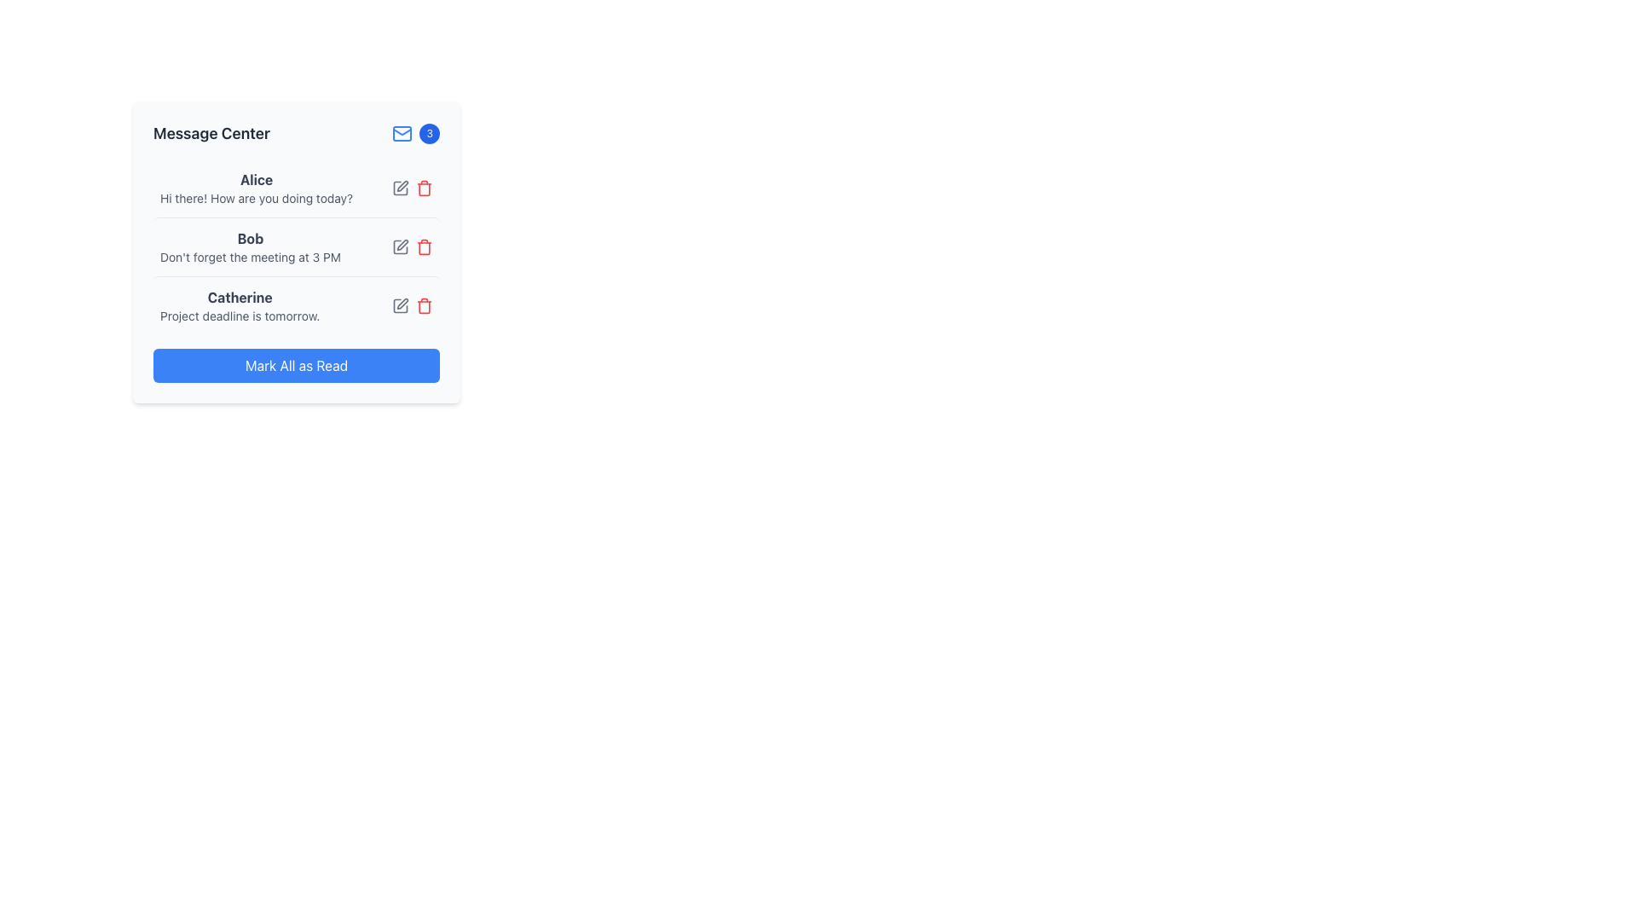  I want to click on reminder message associated with the user 'Bob', which is the second textual message in the 'Message Center' directly below the bold 'Bob' name label, so click(249, 257).